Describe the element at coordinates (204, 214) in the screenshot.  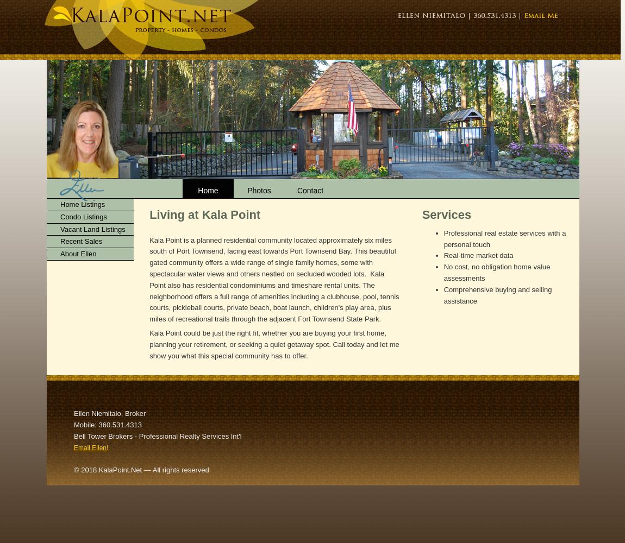
I see `'Living at Kala Point'` at that location.